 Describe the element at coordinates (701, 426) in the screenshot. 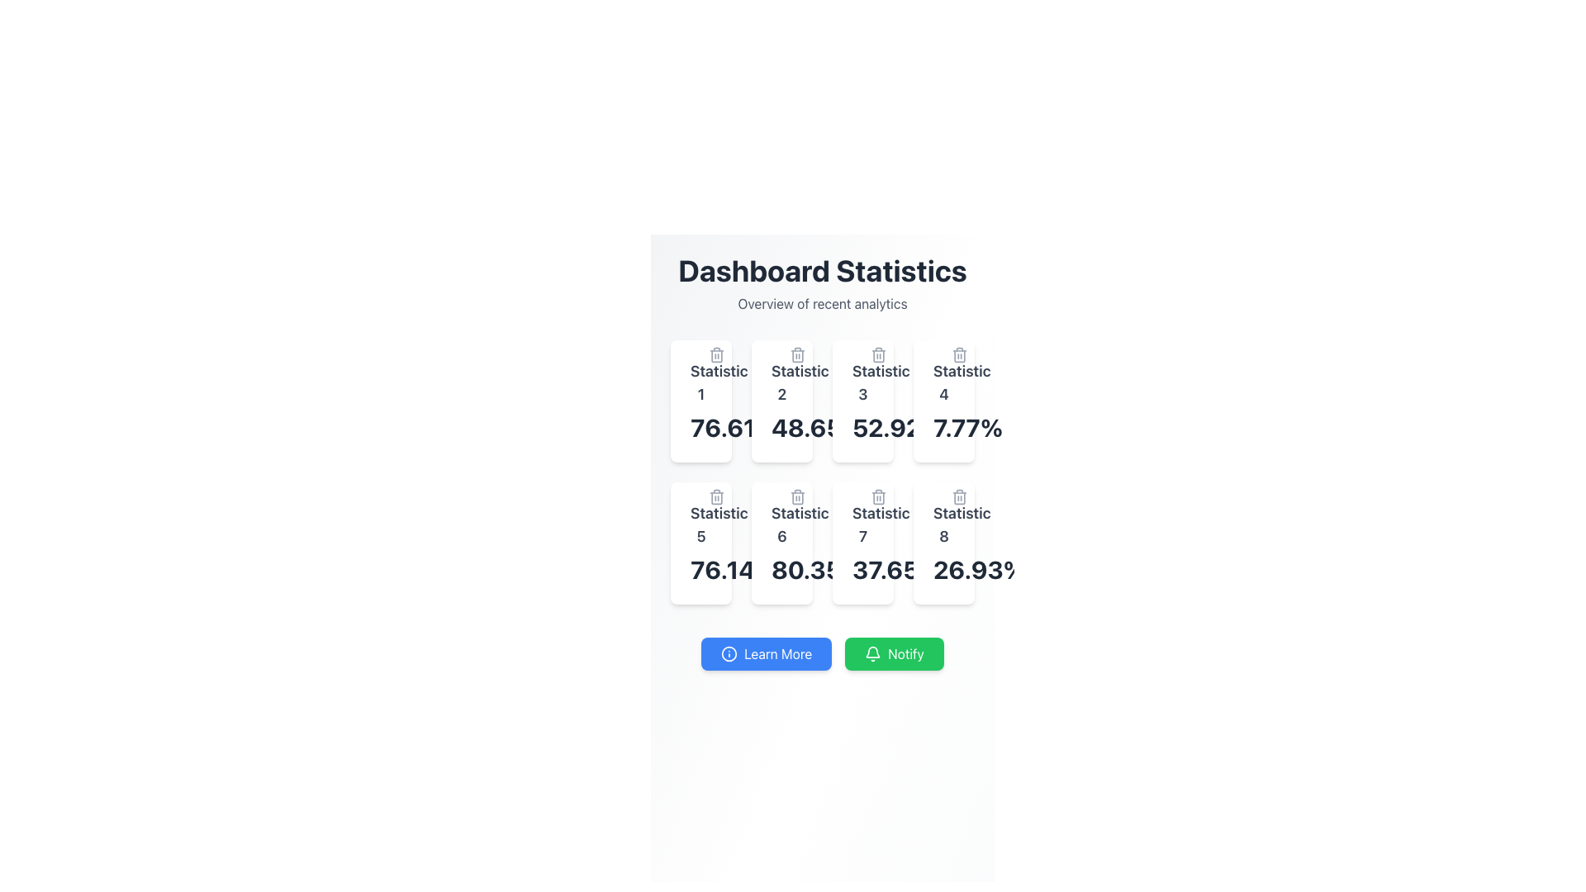

I see `the text label displaying '76.61%' in bold, dark gray font, located within the card component titled 'Statistic 1'` at that location.